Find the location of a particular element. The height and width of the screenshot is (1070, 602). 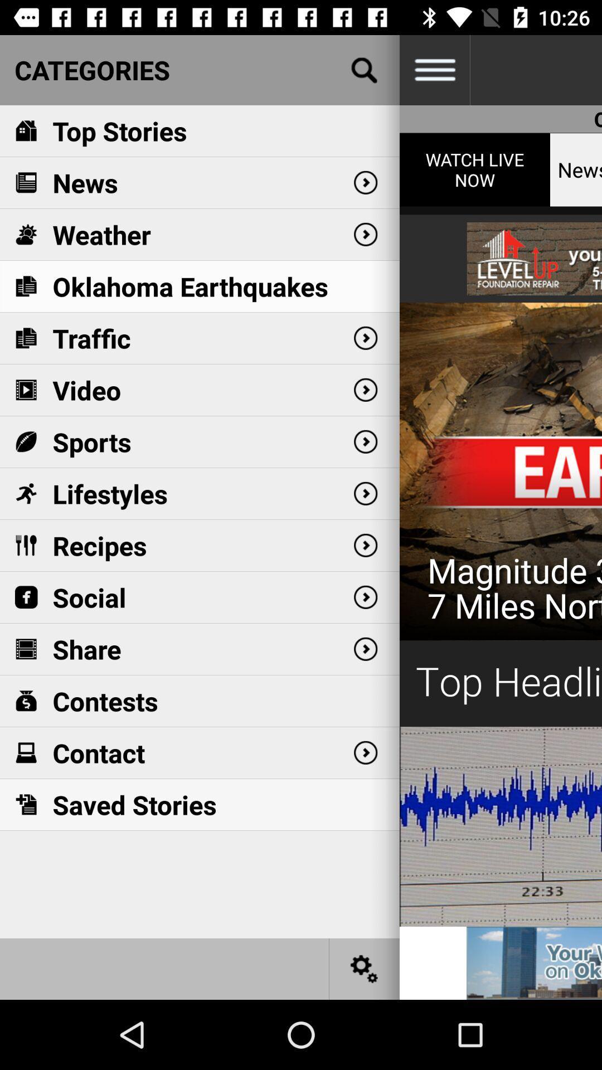

setting is located at coordinates (365, 968).